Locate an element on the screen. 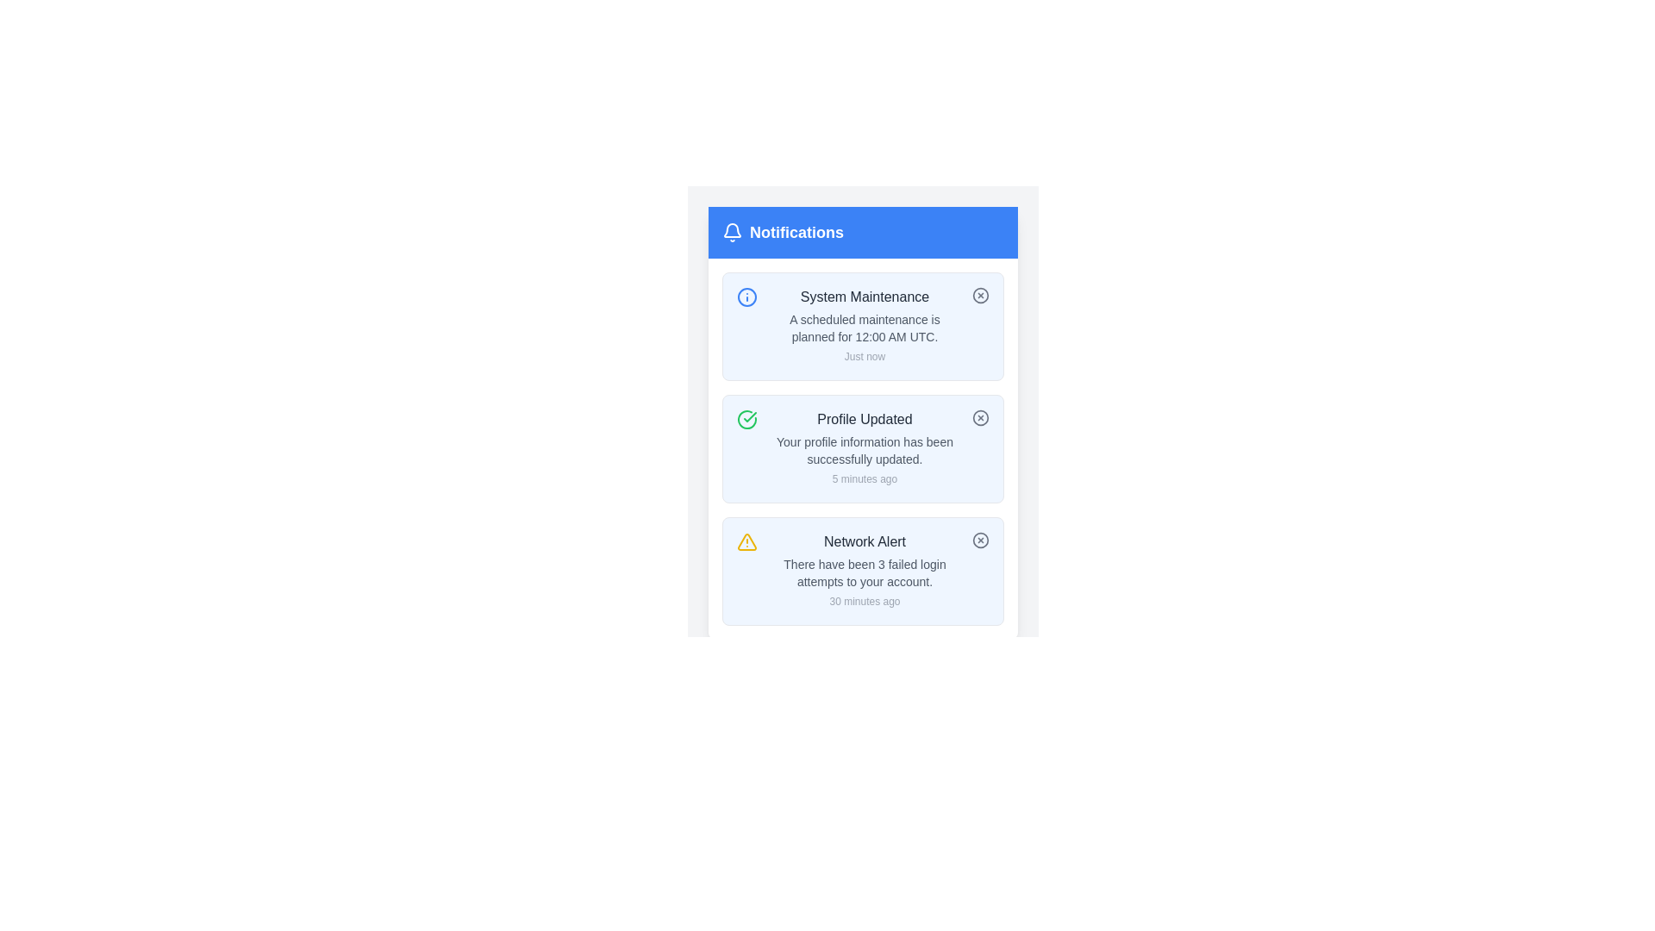 Image resolution: width=1655 pixels, height=931 pixels. the close button located at the top-right corner of the 'Network Alert' notification card is located at coordinates (980, 540).